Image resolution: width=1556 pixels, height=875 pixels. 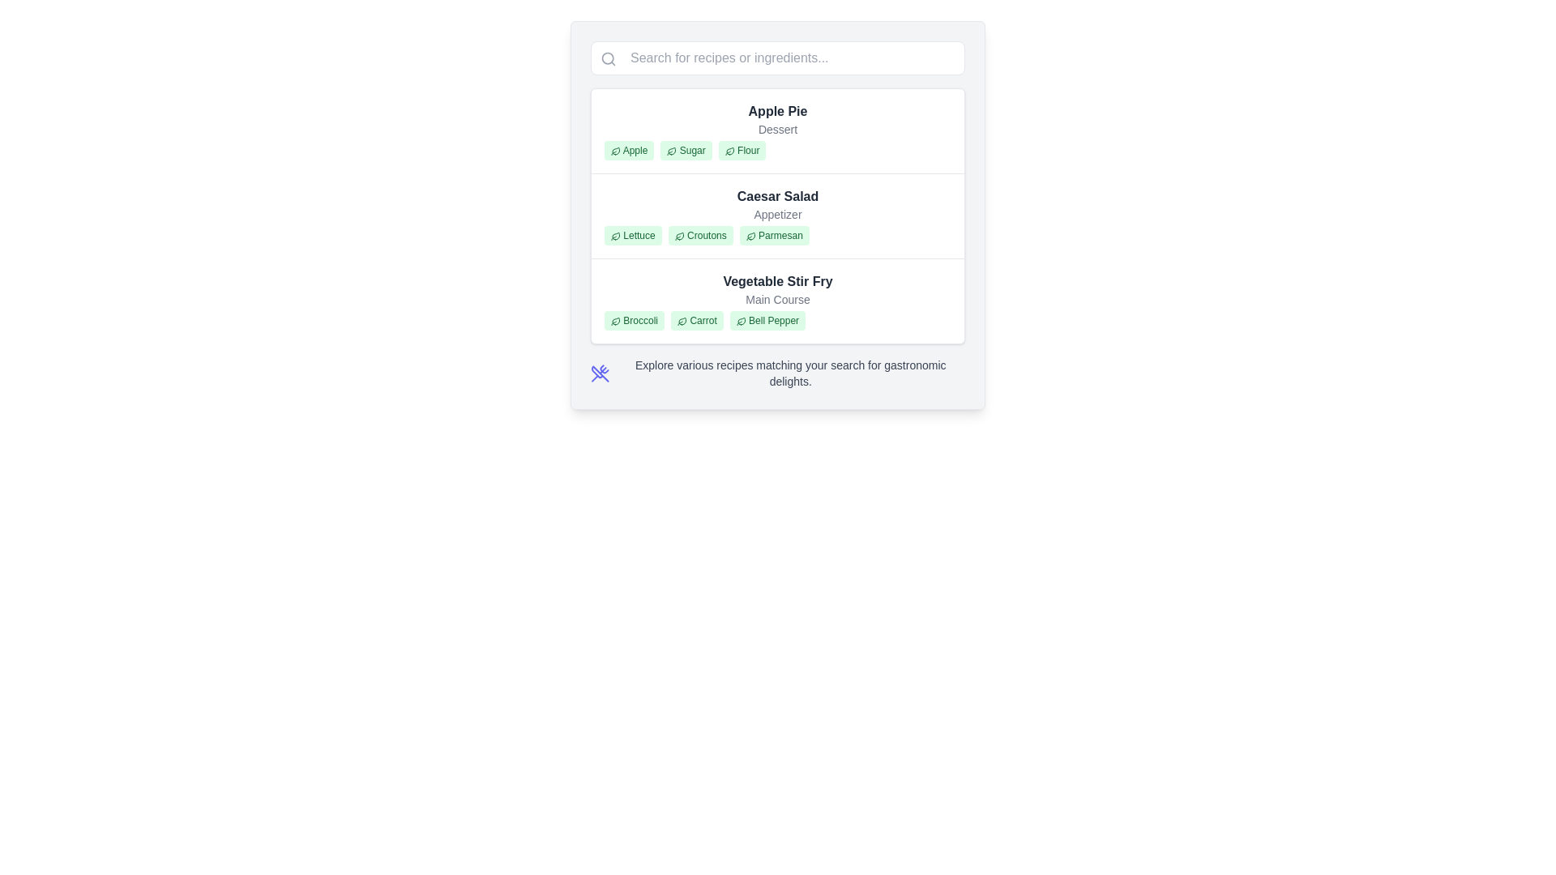 I want to click on information provided in the informational section that features an icon of crossed utensils and descriptive text about exploring various recipes, so click(x=778, y=373).